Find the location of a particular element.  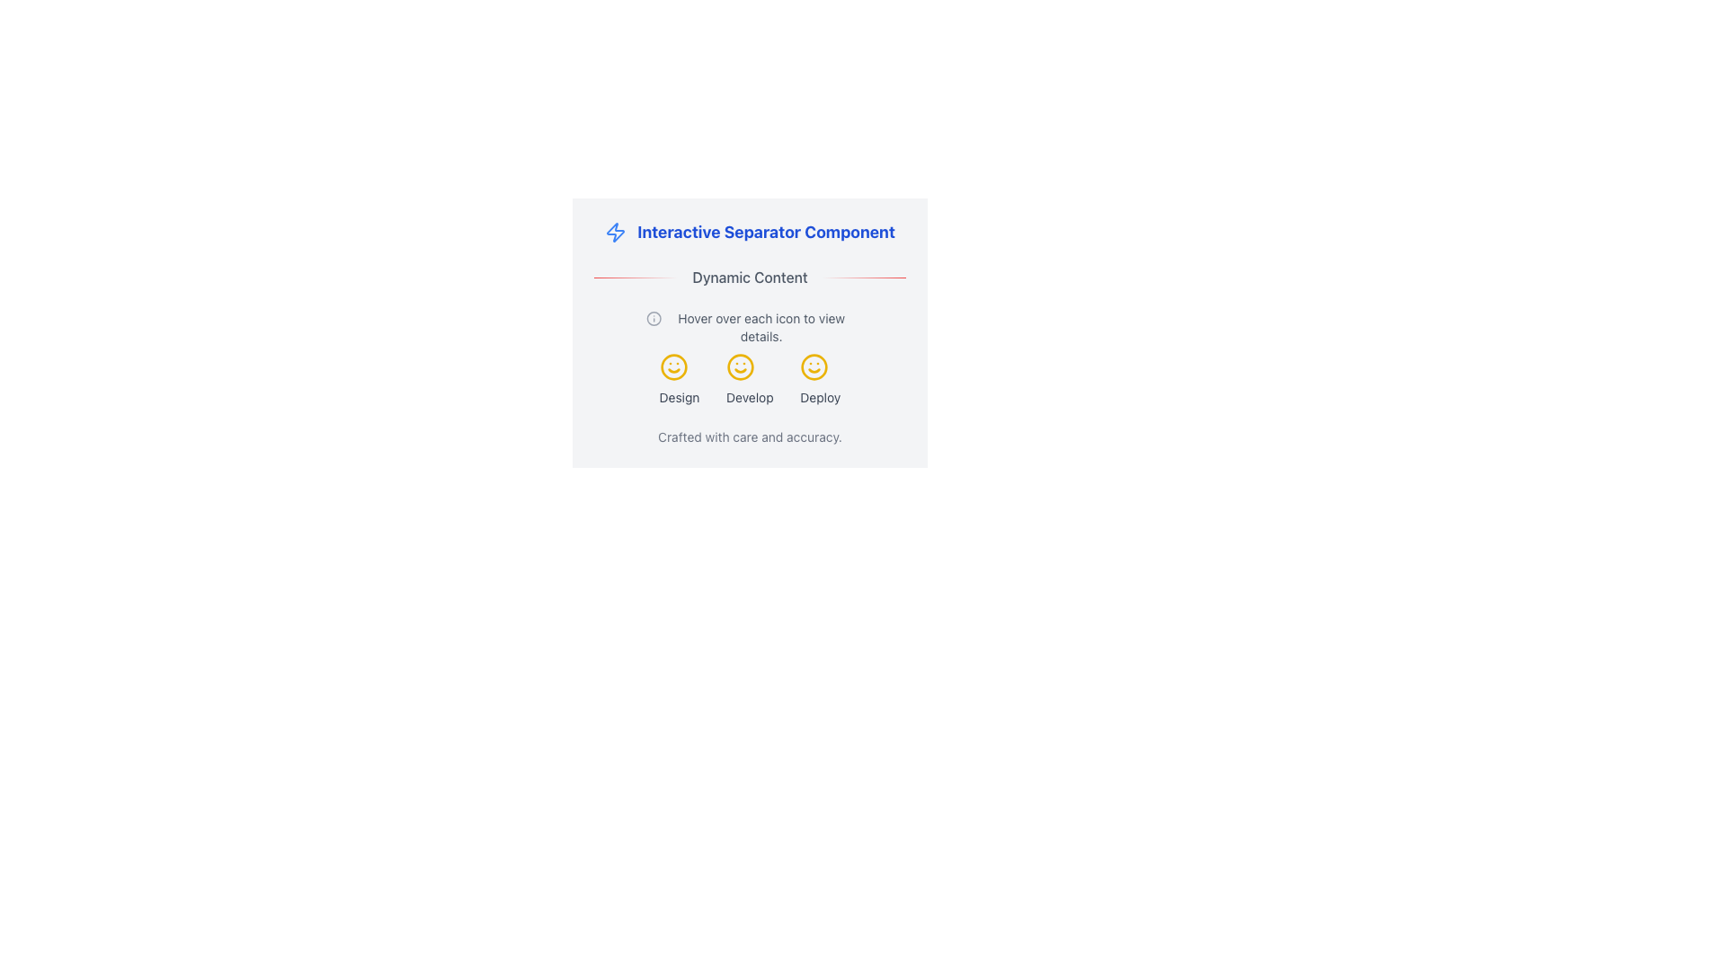

the 'Develop' icon, which is the middle icon in the horizontal arrangement beneath the 'Dynamic Content' heading is located at coordinates (741, 366).